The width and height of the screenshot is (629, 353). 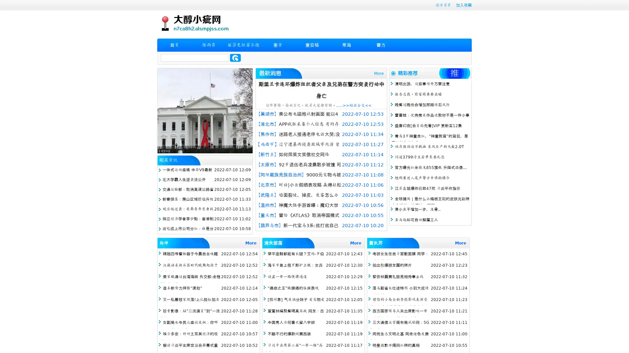 I want to click on Search, so click(x=235, y=58).